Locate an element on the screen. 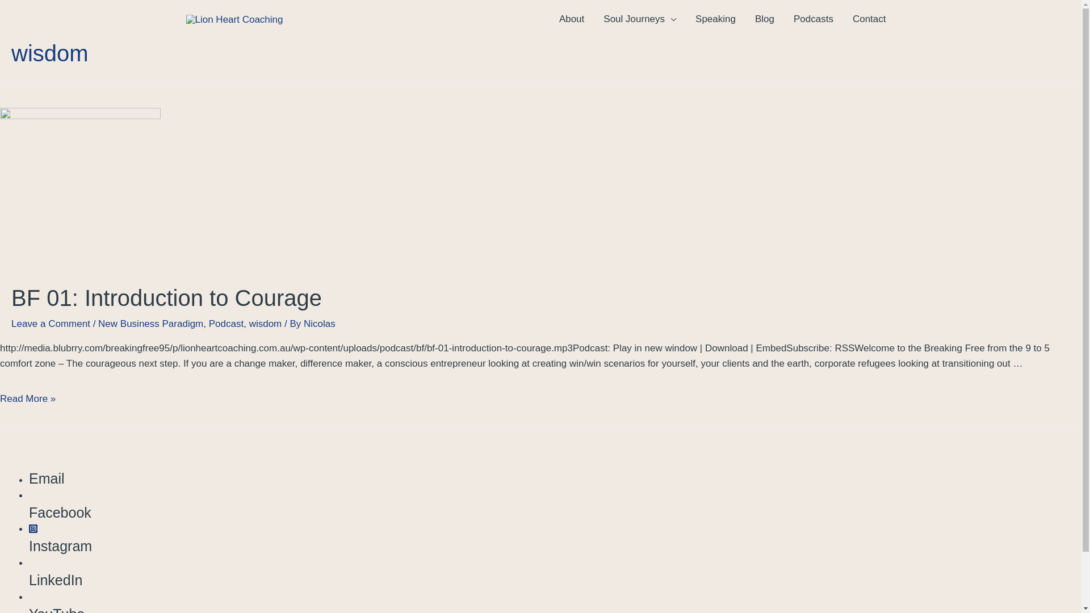 Image resolution: width=1090 pixels, height=613 pixels. 'New Business Paradigm' is located at coordinates (150, 324).